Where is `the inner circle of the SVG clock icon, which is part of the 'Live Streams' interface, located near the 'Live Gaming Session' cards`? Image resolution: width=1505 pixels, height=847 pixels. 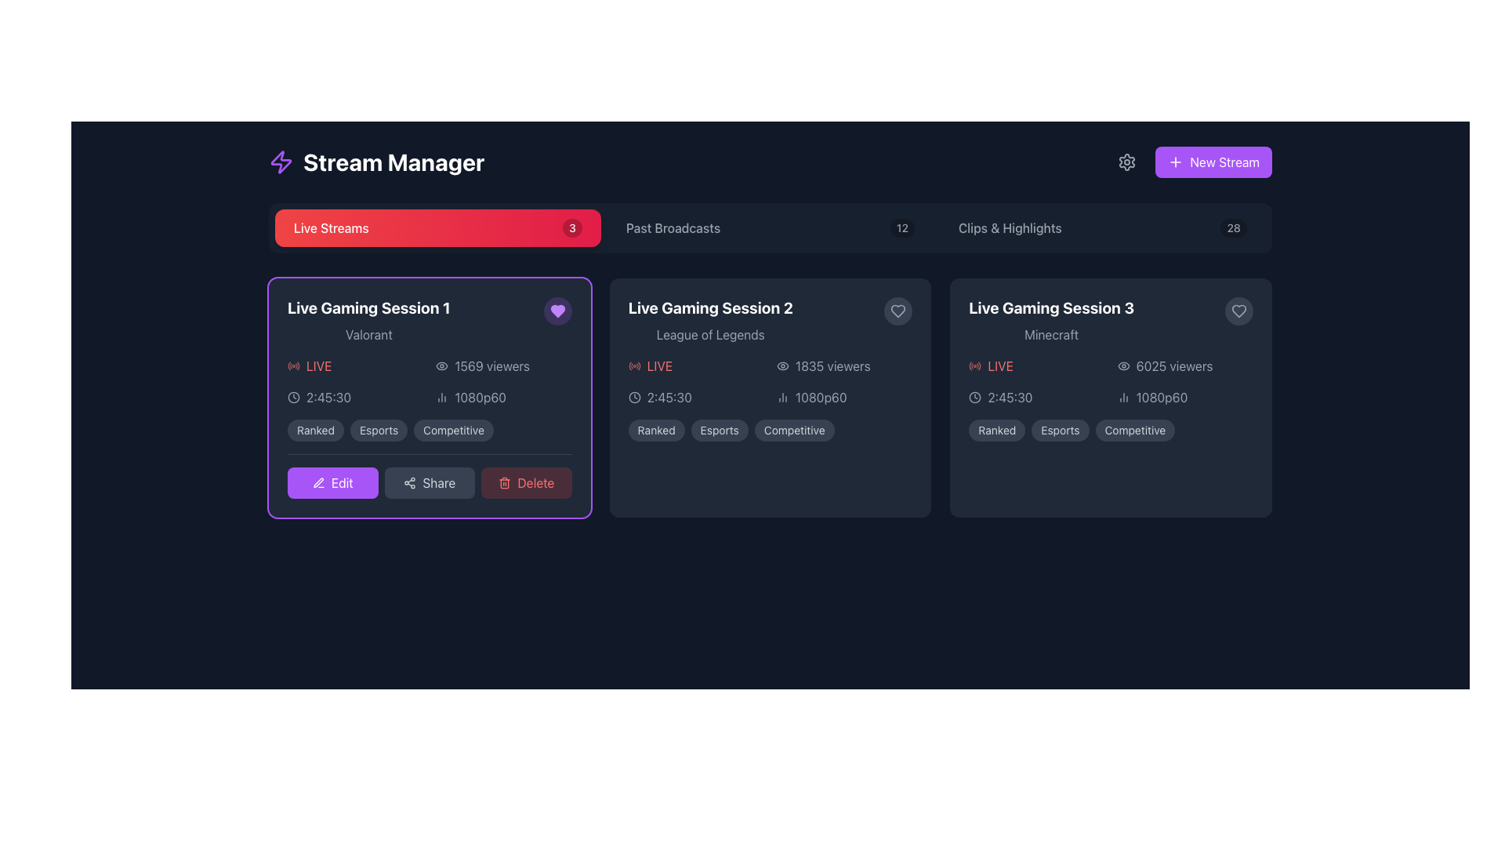
the inner circle of the SVG clock icon, which is part of the 'Live Streams' interface, located near the 'Live Gaming Session' cards is located at coordinates (634, 396).